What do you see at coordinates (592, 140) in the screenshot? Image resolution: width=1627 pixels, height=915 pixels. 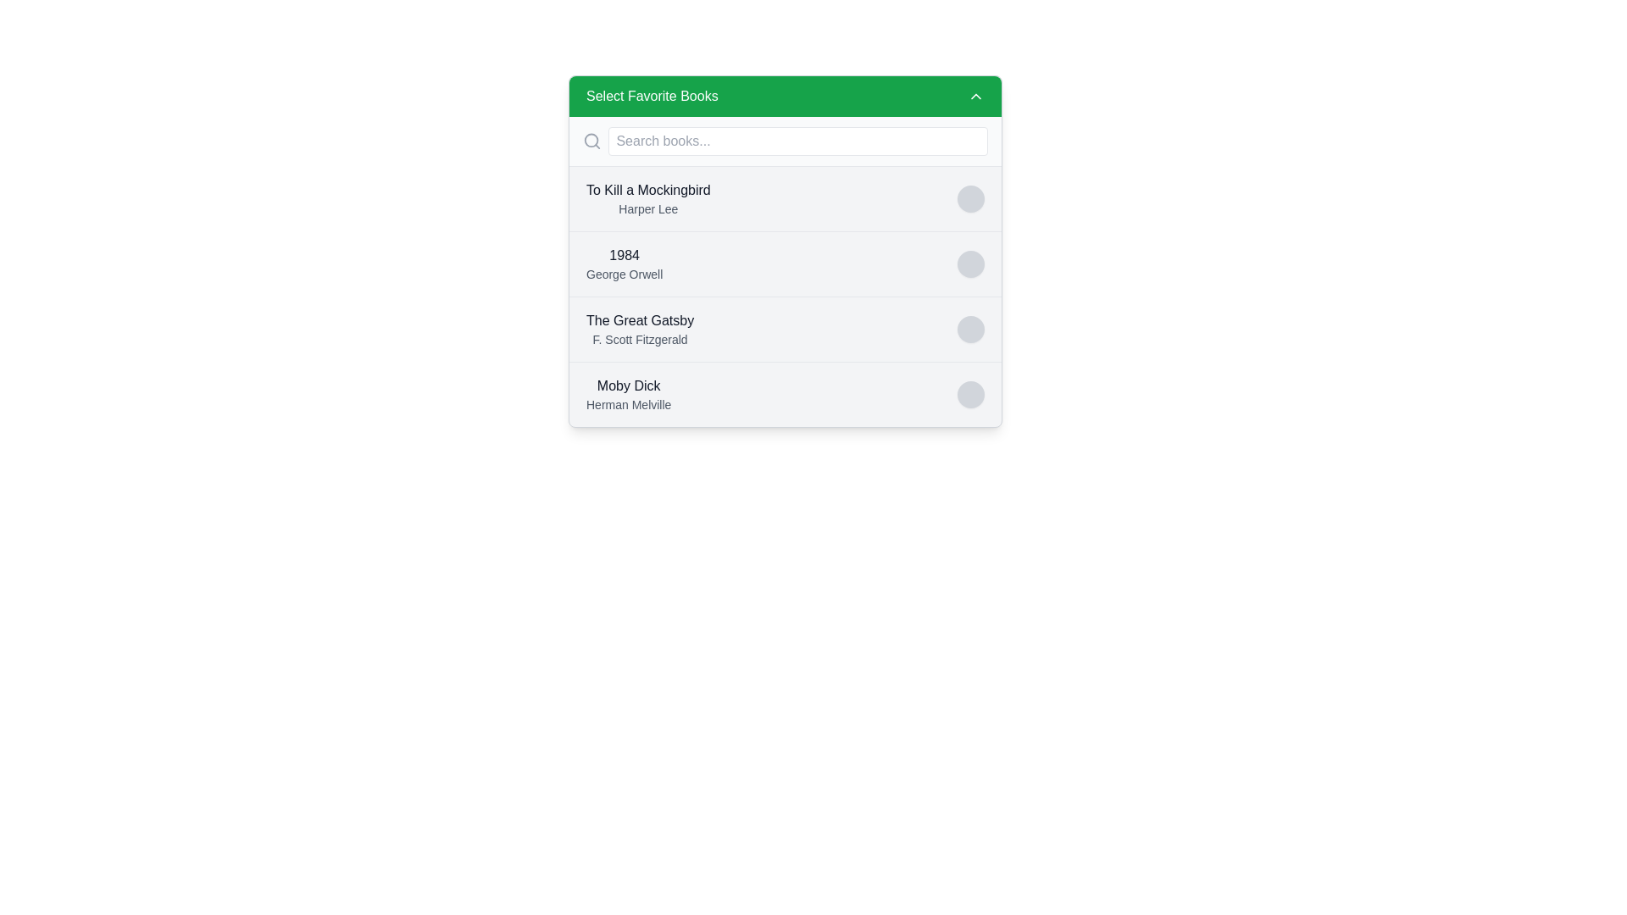 I see `the search icon, which is a gray magnifying glass outline located to the left of the text input field labeled 'Search books...'` at bounding box center [592, 140].